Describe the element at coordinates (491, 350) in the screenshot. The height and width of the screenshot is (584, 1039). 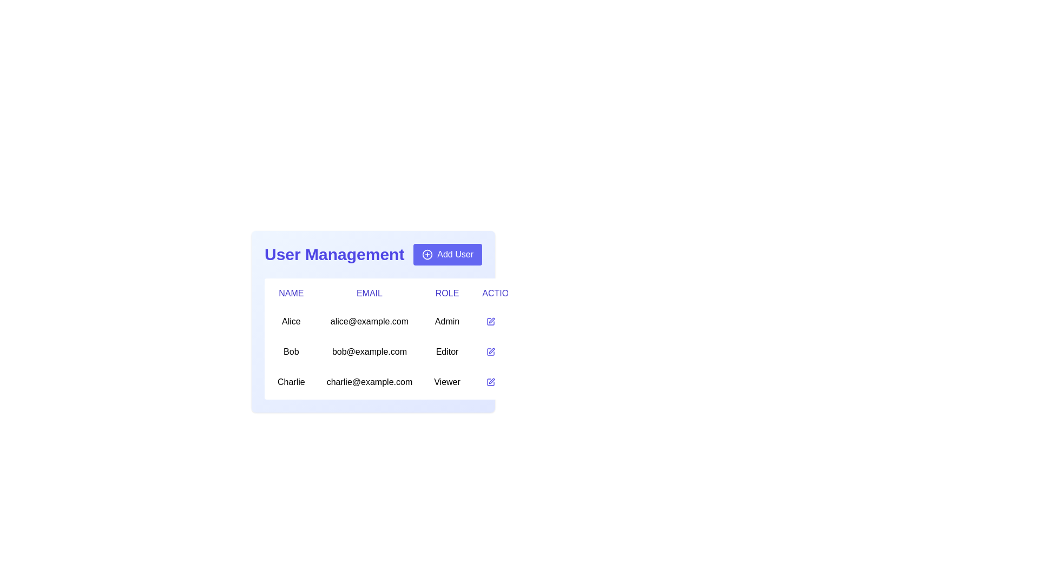
I see `the pen-like icon in the 'Action' column of the user management interface for the second user, Bob` at that location.